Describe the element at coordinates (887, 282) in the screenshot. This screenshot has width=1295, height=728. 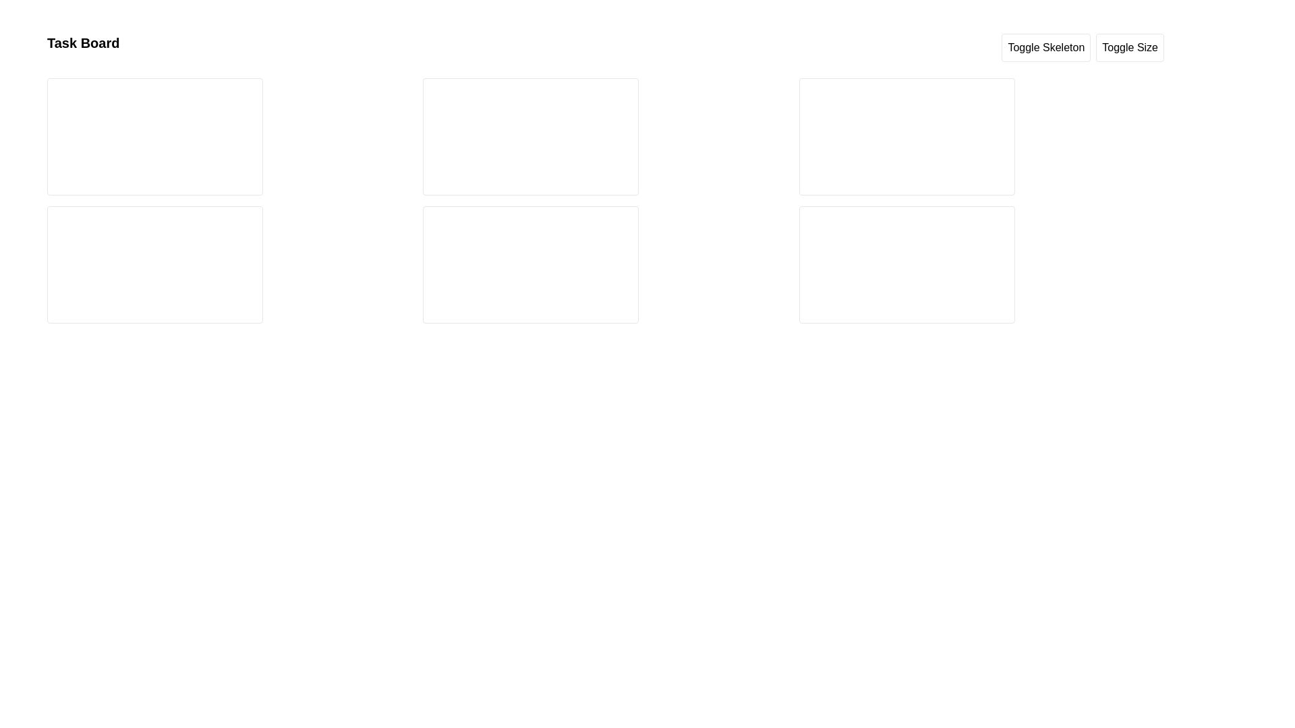
I see `the second skeleton loader component, which is a horizontal skeleton loader with pulsating animation, located in the lower-right quadrant of the layout` at that location.